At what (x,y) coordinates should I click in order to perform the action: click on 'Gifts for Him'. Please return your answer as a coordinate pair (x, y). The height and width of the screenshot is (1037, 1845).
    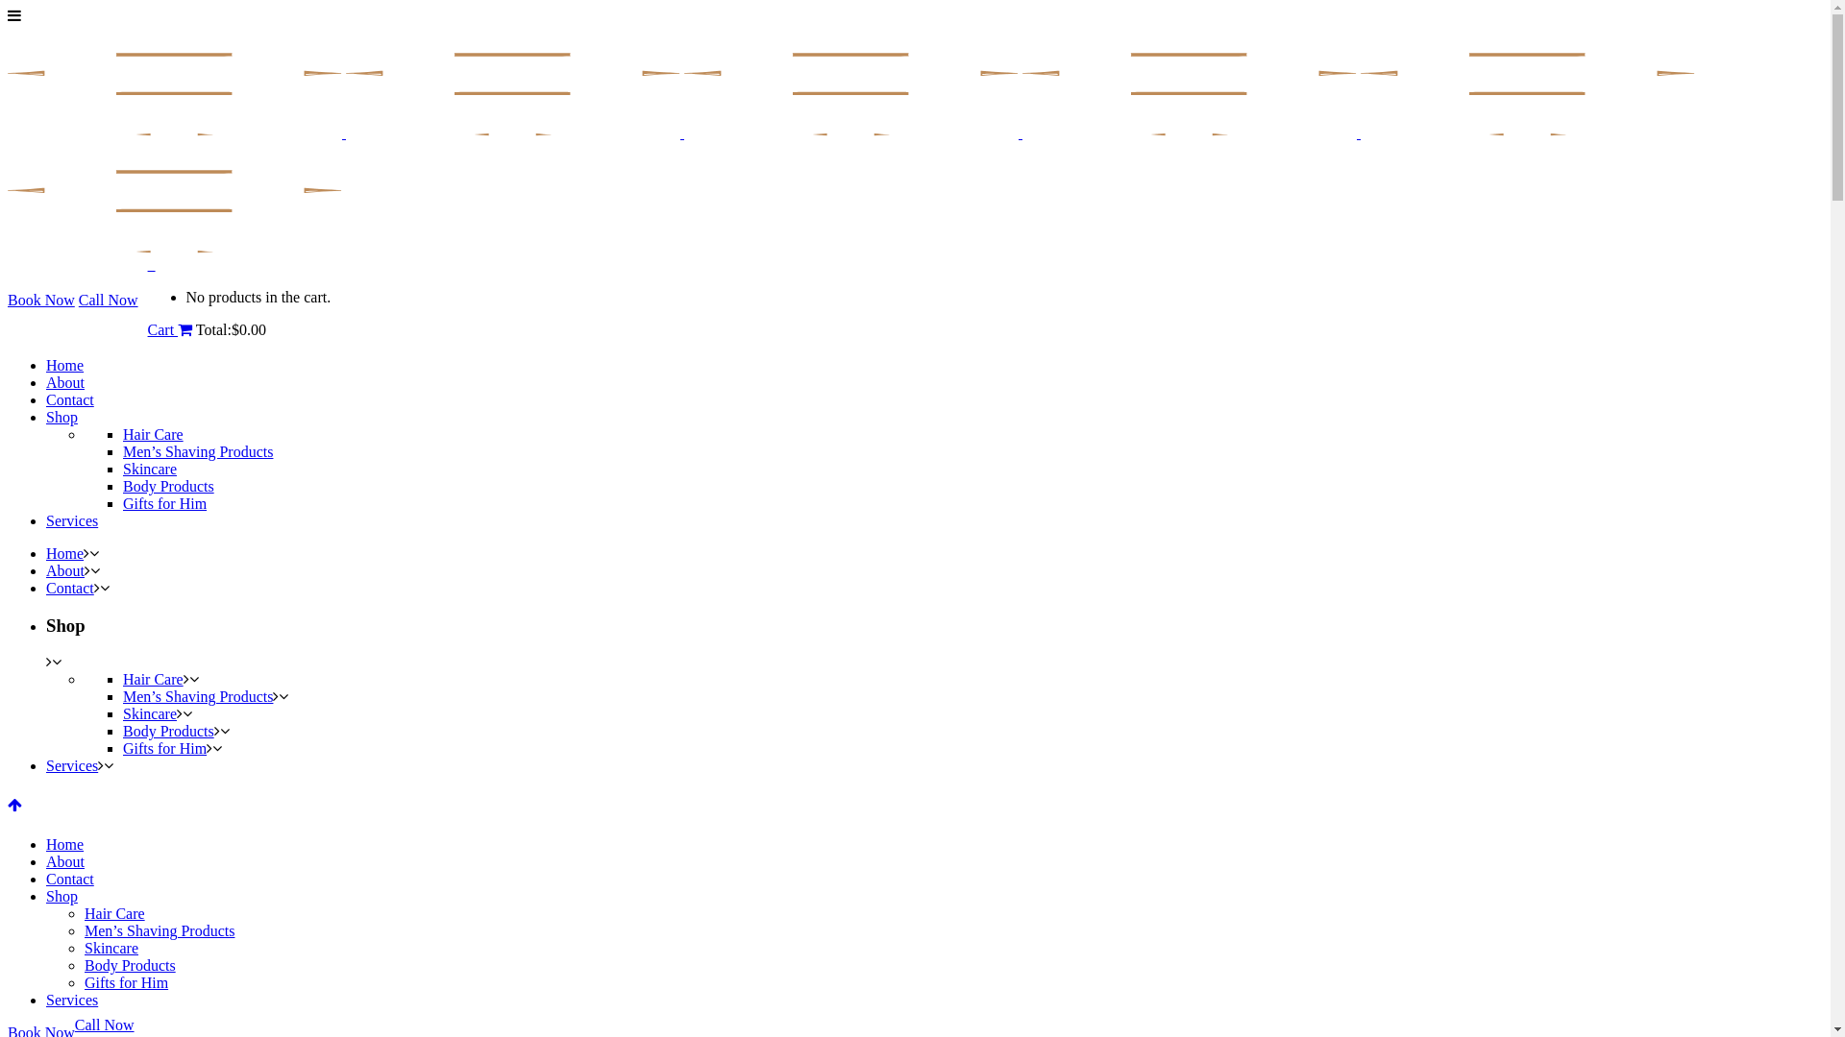
    Looking at the image, I should click on (125, 982).